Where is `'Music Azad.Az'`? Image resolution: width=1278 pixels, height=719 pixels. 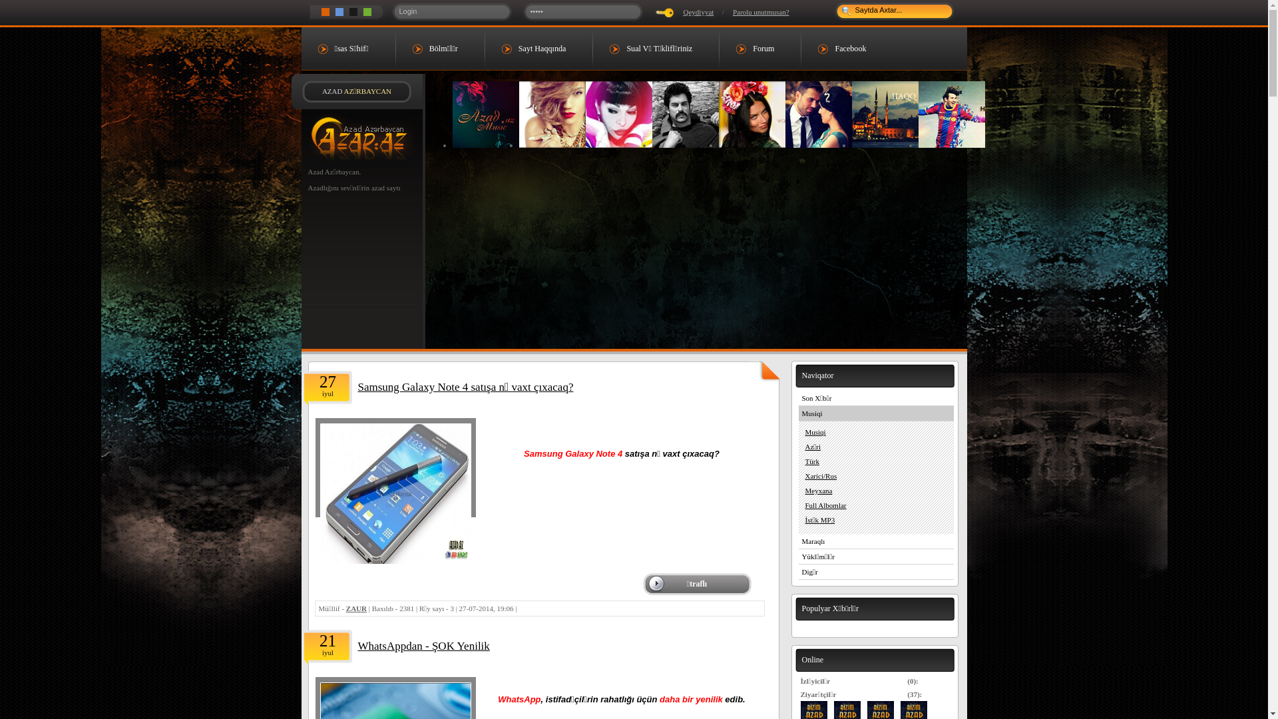 'Music Azad.Az' is located at coordinates (453, 114).